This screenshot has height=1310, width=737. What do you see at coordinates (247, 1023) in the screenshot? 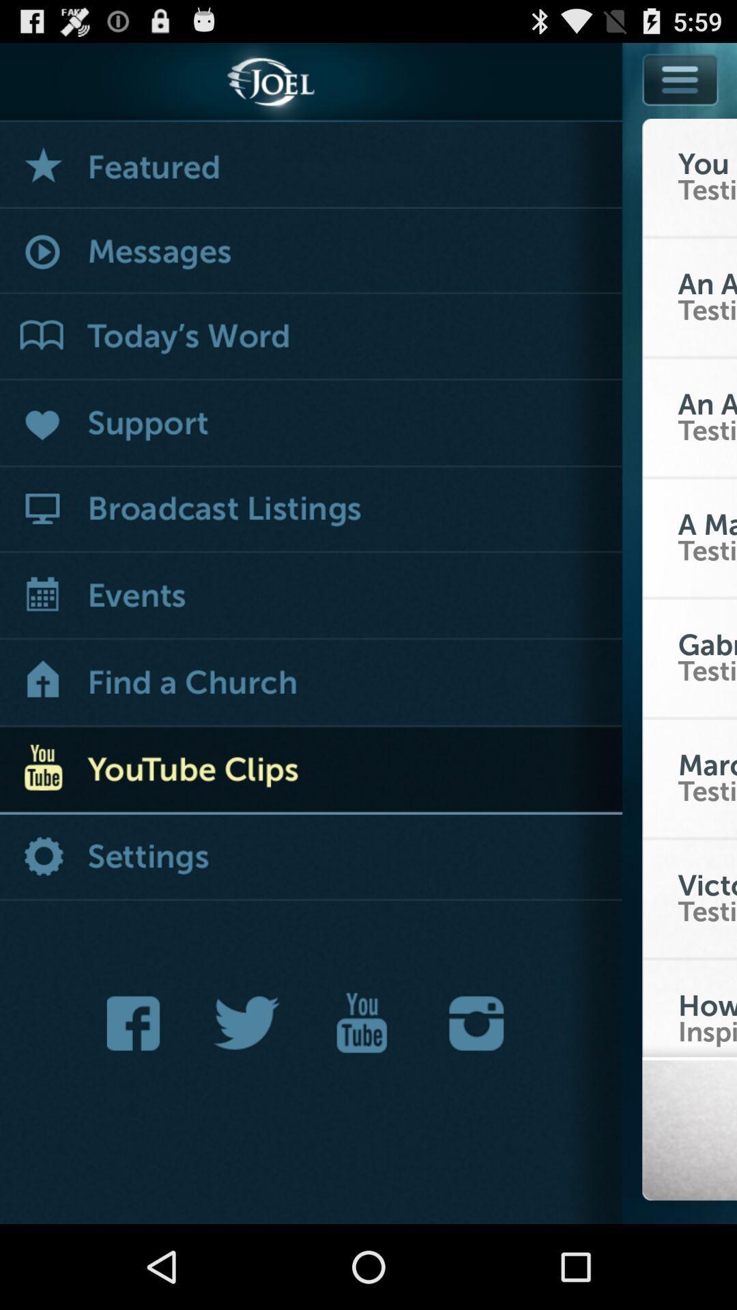
I see `tweet` at bounding box center [247, 1023].